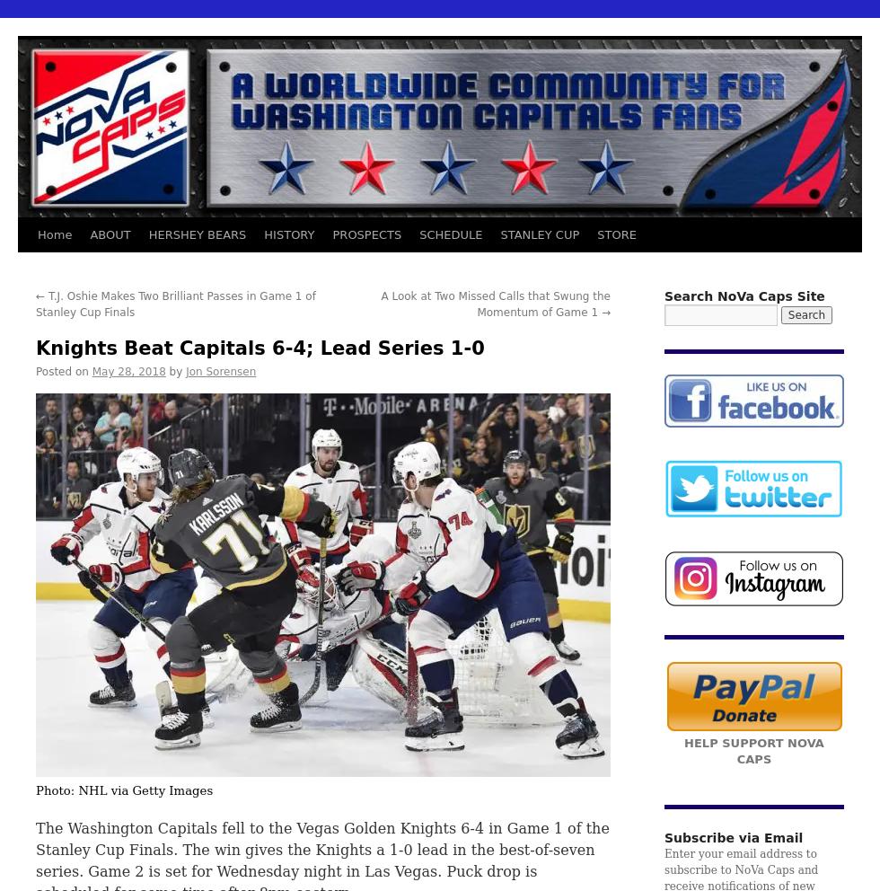 This screenshot has height=891, width=880. I want to click on 'T.J. Oshie Makes Two Brilliant Passes in Game 1 of Stanley Cup Finals', so click(175, 303).